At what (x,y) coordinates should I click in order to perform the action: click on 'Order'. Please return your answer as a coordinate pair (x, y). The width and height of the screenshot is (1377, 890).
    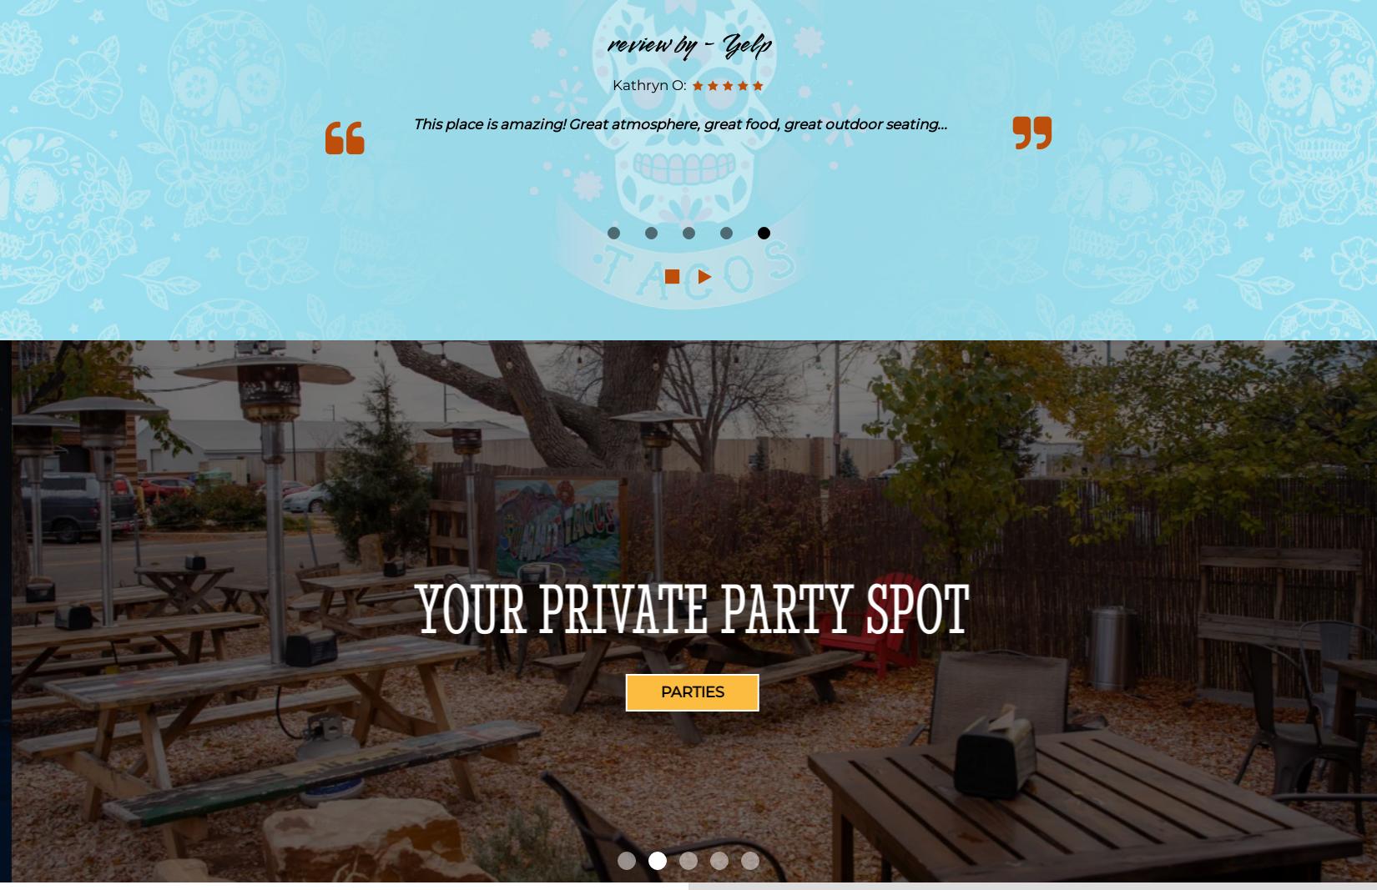
    Looking at the image, I should click on (688, 691).